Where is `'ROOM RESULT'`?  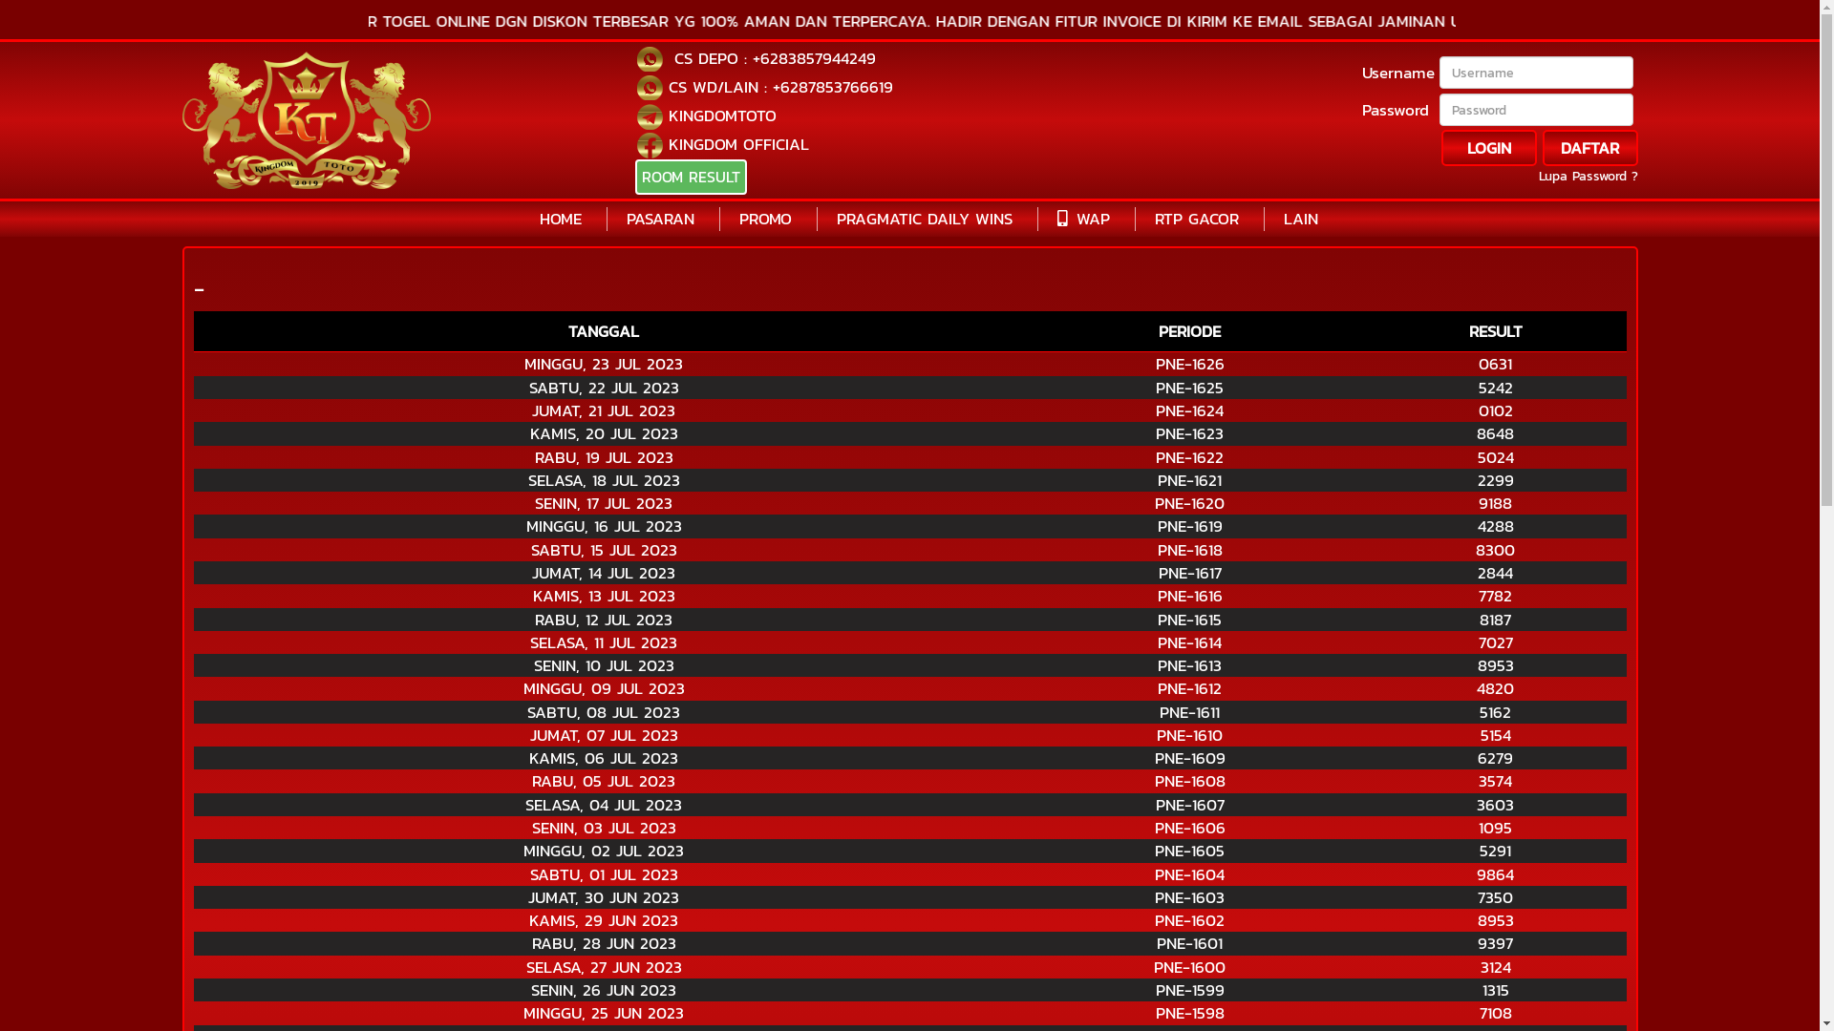
'ROOM RESULT' is located at coordinates (690, 177).